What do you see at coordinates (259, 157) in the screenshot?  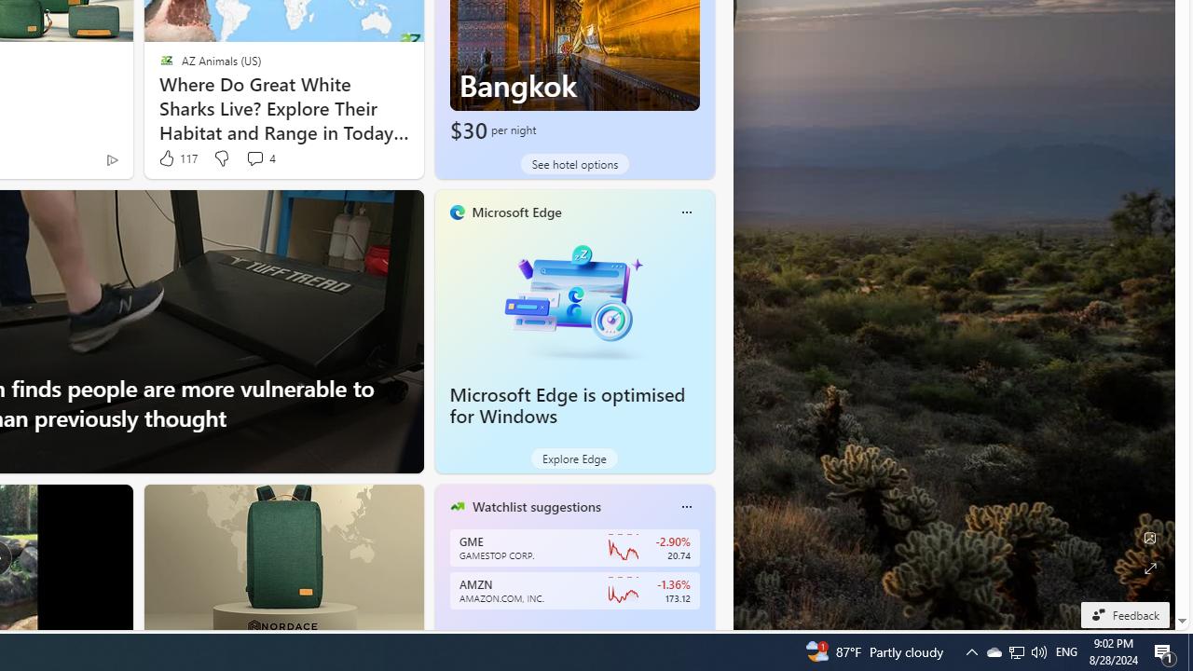 I see `'View comments 4 Comment'` at bounding box center [259, 157].